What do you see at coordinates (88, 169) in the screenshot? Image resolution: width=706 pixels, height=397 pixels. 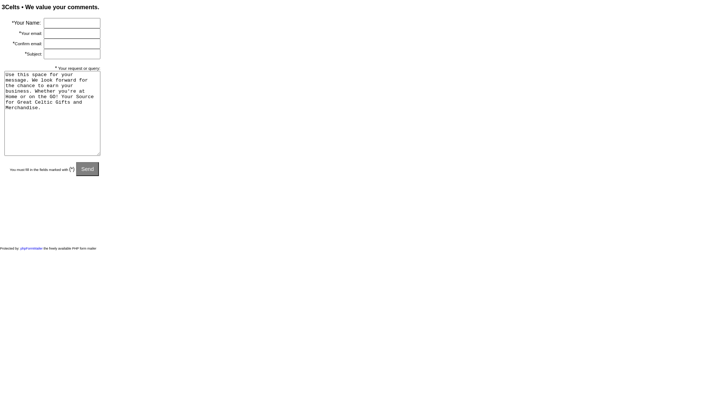 I see `'Send'` at bounding box center [88, 169].